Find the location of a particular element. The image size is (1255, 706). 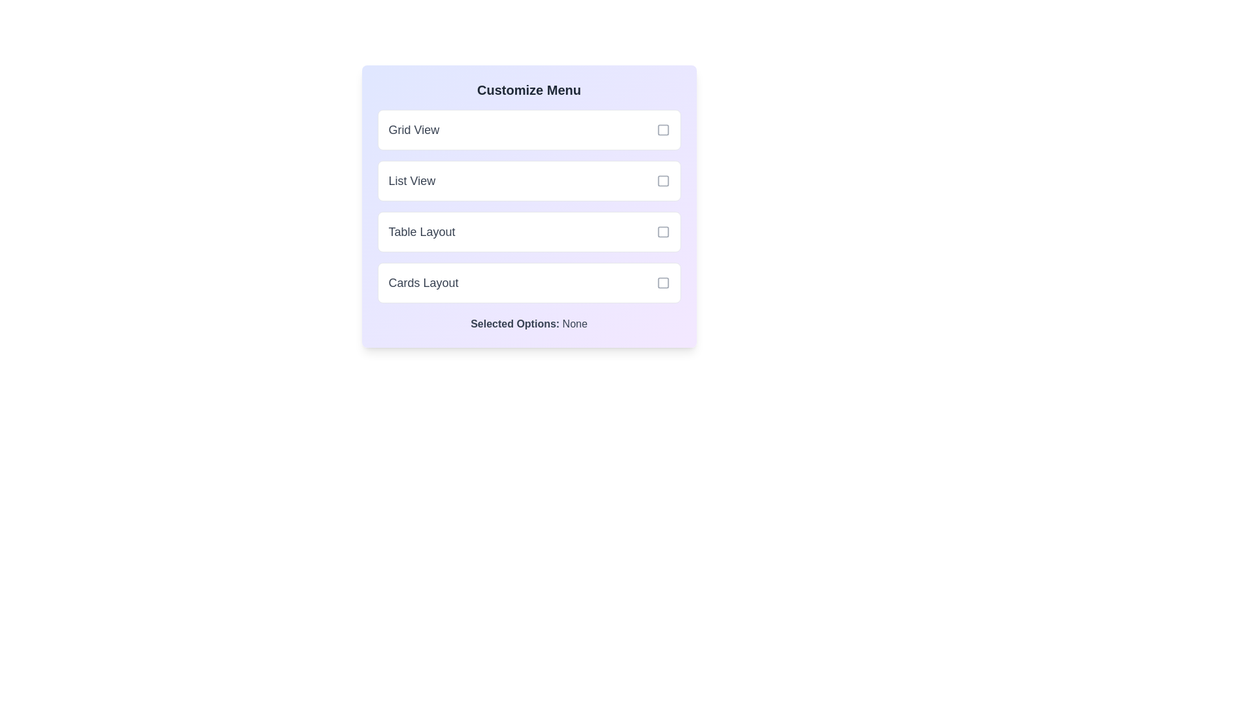

the interactive checkbox for the 'Grid View' option is located at coordinates (663, 130).